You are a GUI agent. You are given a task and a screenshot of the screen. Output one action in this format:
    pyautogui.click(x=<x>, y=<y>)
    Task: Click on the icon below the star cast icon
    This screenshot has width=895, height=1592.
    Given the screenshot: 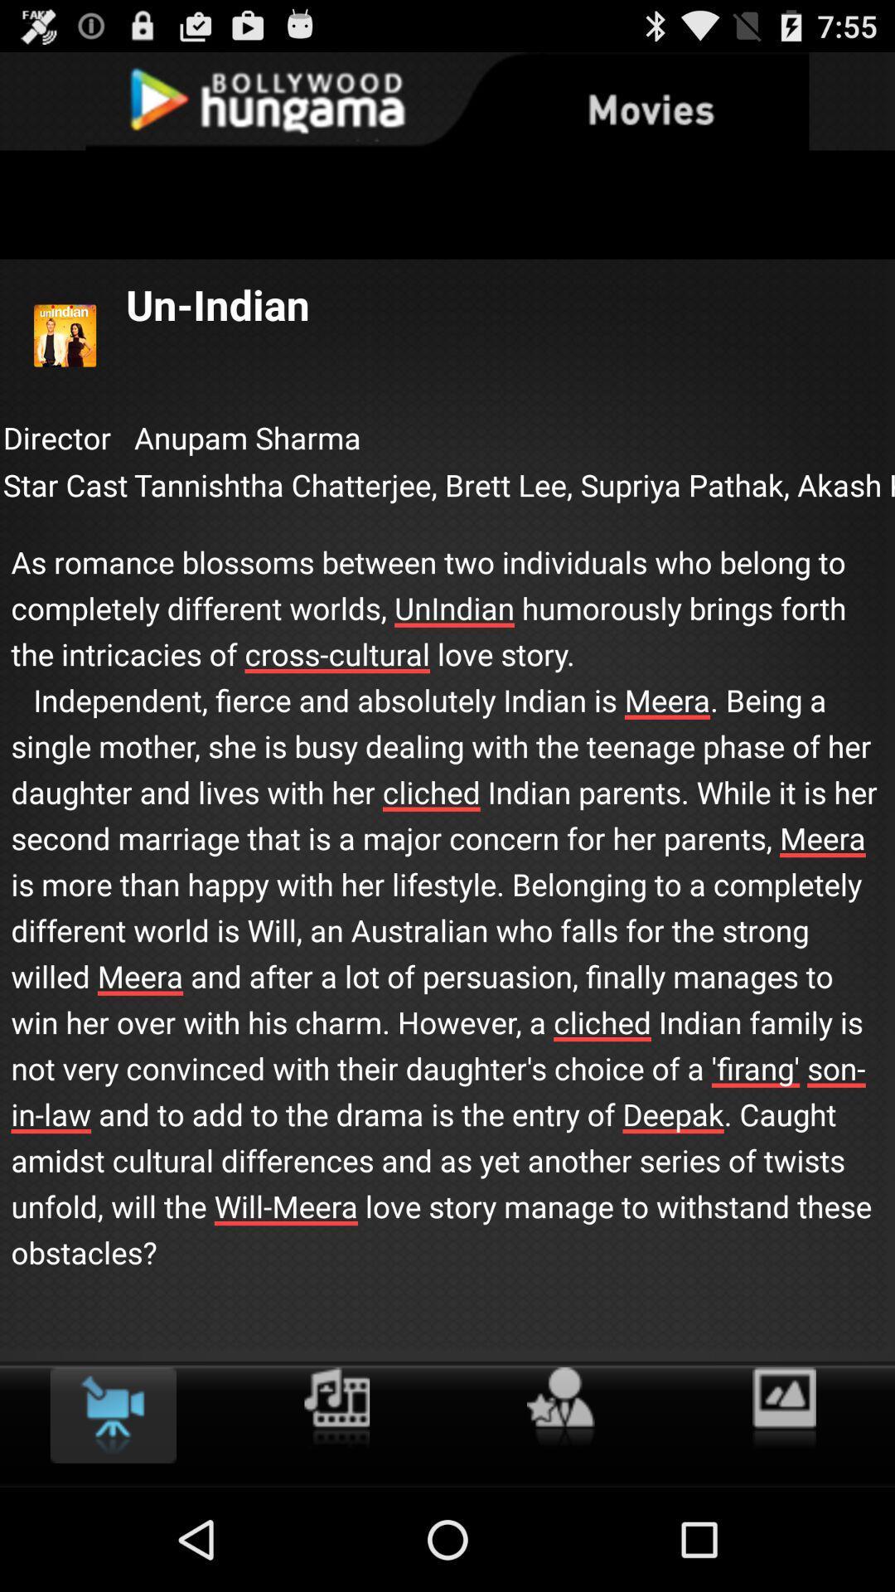 What is the action you would take?
    pyautogui.click(x=447, y=890)
    